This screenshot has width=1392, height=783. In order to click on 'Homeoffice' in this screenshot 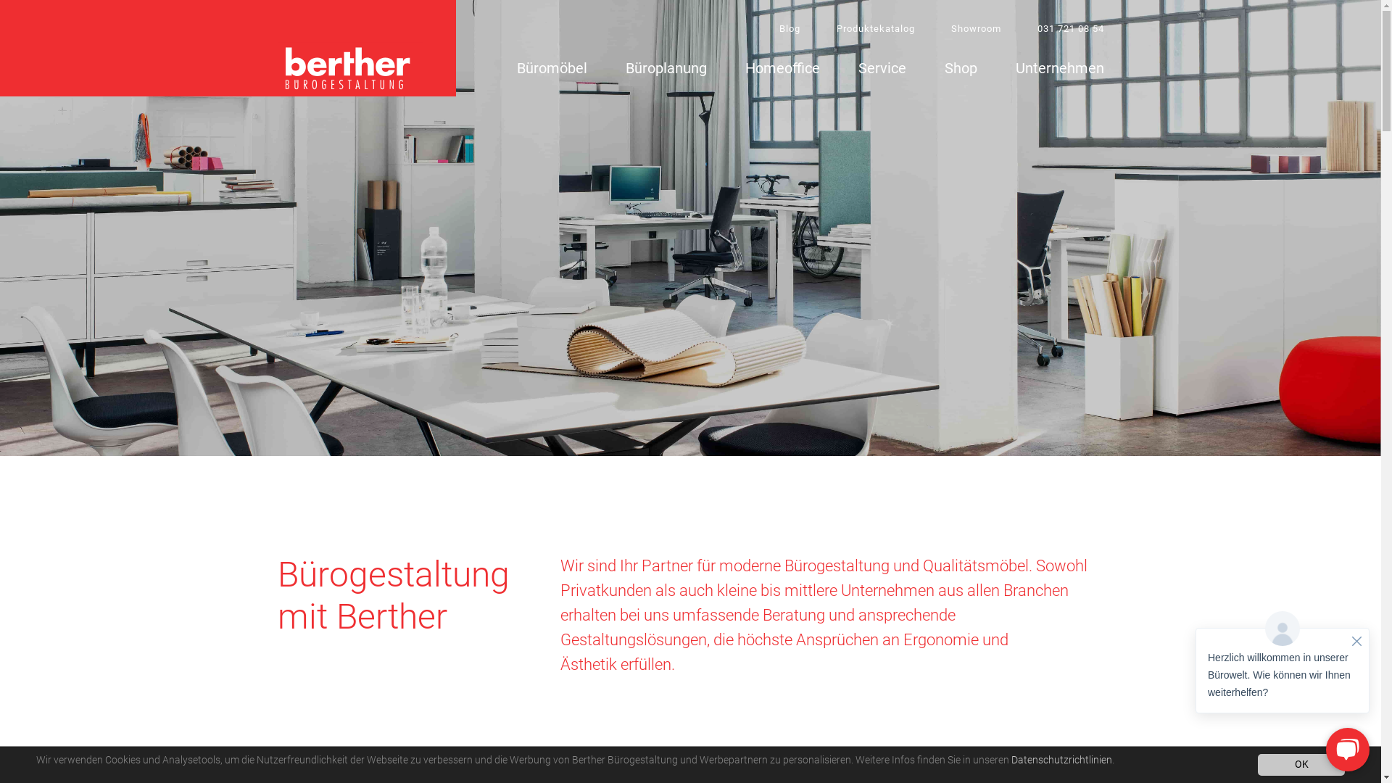, I will do `click(782, 70)`.